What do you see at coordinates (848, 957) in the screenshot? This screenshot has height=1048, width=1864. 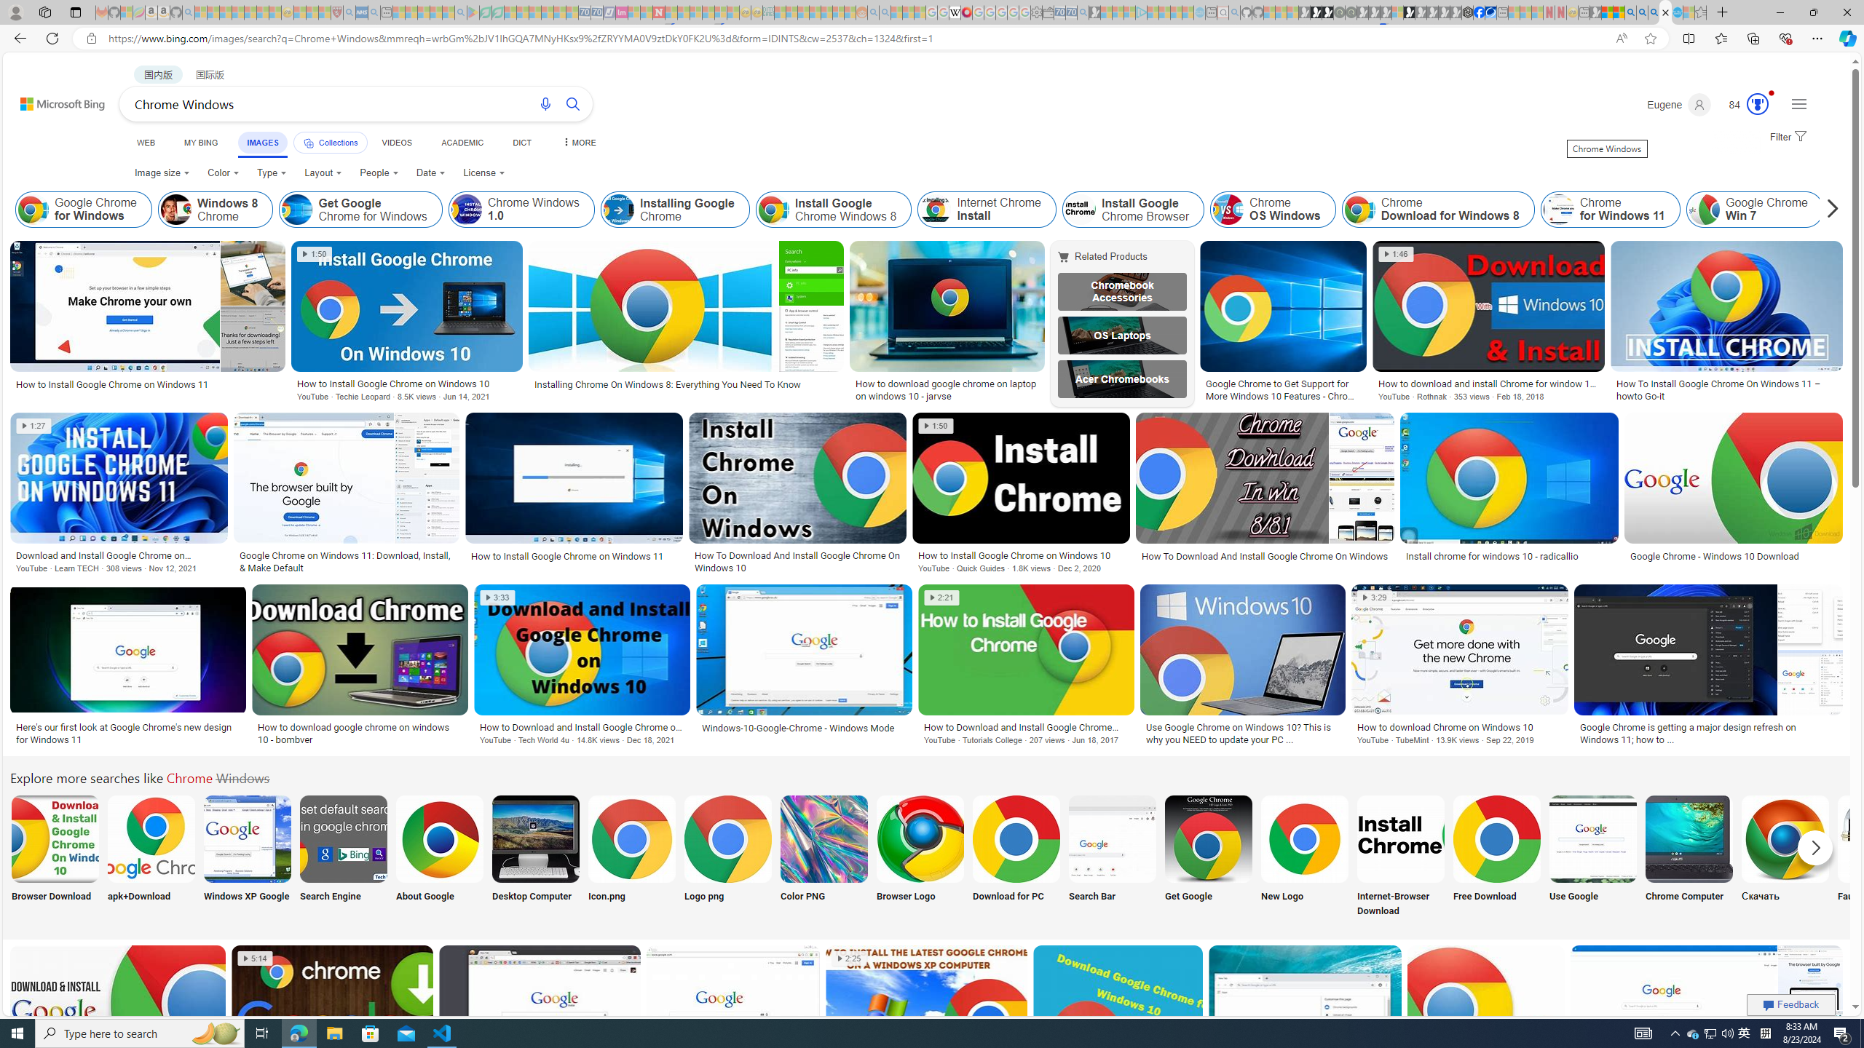 I see `'2:25'` at bounding box center [848, 957].